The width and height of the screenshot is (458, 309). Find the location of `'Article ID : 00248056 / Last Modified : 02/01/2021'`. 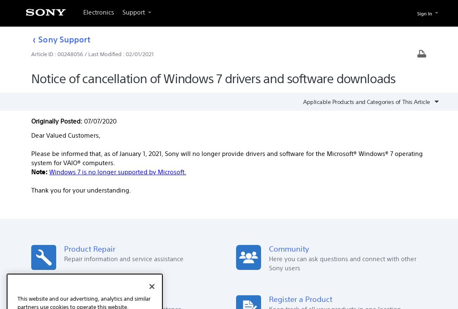

'Article ID : 00248056 / Last Modified : 02/01/2021' is located at coordinates (92, 54).